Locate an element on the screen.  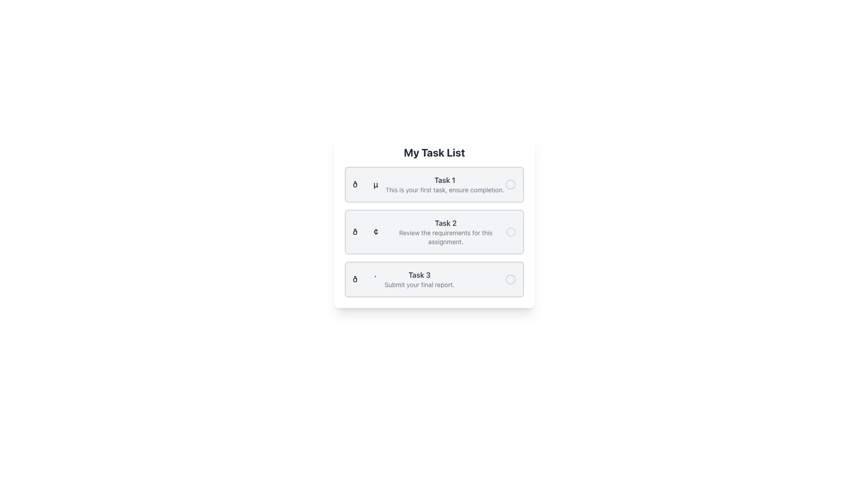
the small, circular SVG icon with a hollow center located is located at coordinates (511, 279).